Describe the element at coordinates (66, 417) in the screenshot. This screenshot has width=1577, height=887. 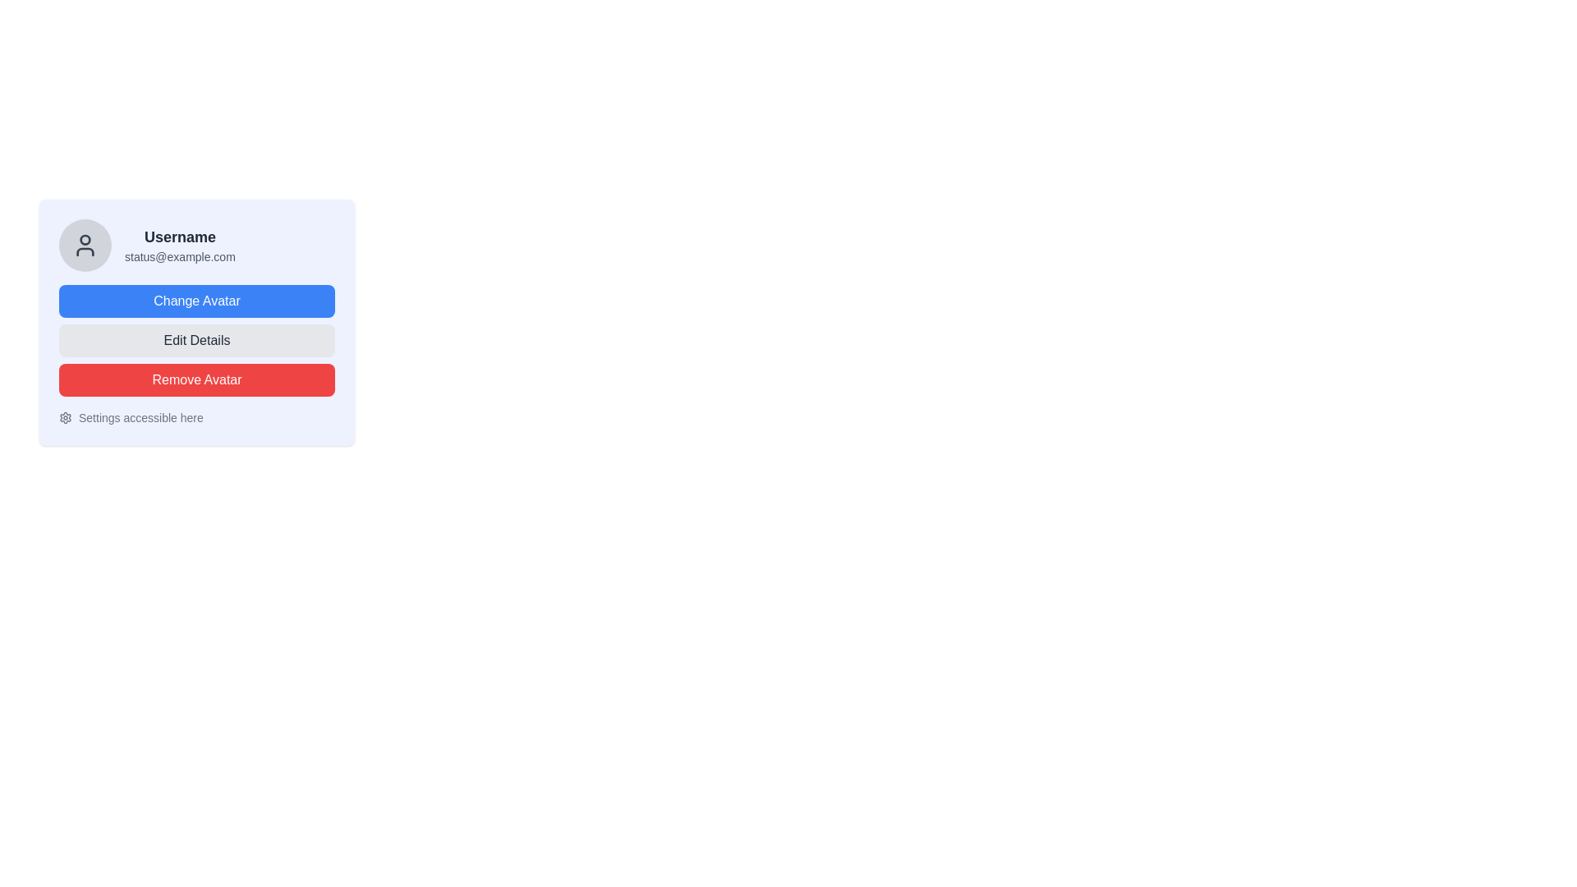
I see `the small gear icon with rounded edges and teeth-like shapes, located next to the text 'Settings accessible here'` at that location.